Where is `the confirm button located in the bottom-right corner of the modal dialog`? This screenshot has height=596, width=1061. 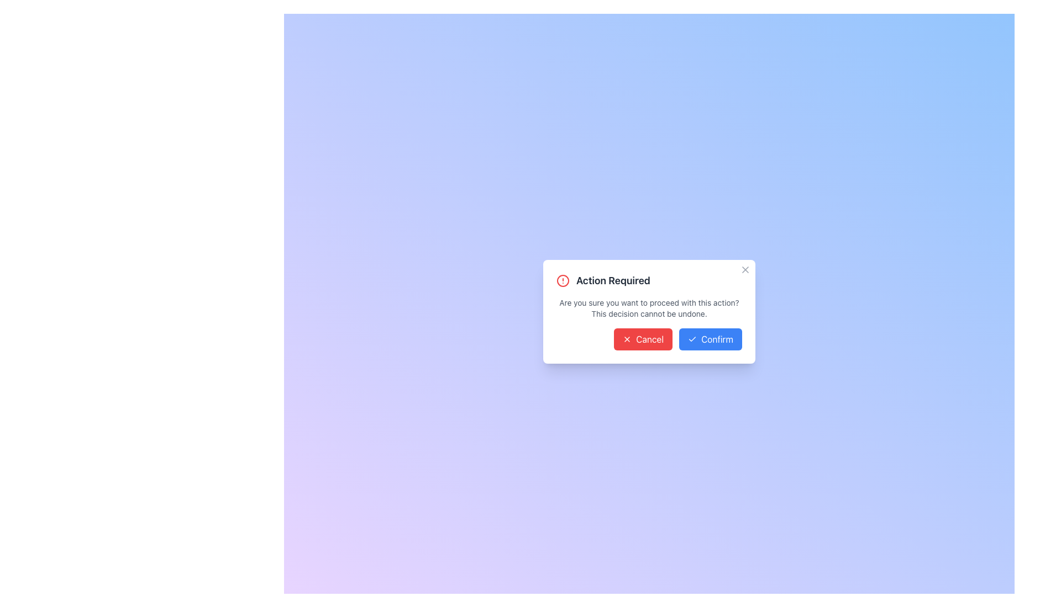 the confirm button located in the bottom-right corner of the modal dialog is located at coordinates (711, 338).